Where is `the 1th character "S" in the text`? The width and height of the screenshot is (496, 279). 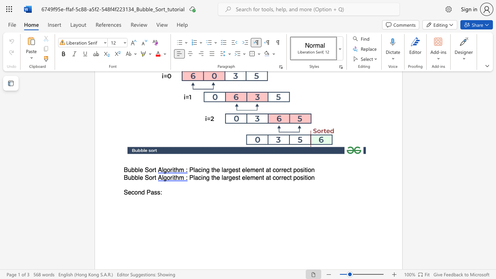
the 1th character "S" in the text is located at coordinates (147, 170).